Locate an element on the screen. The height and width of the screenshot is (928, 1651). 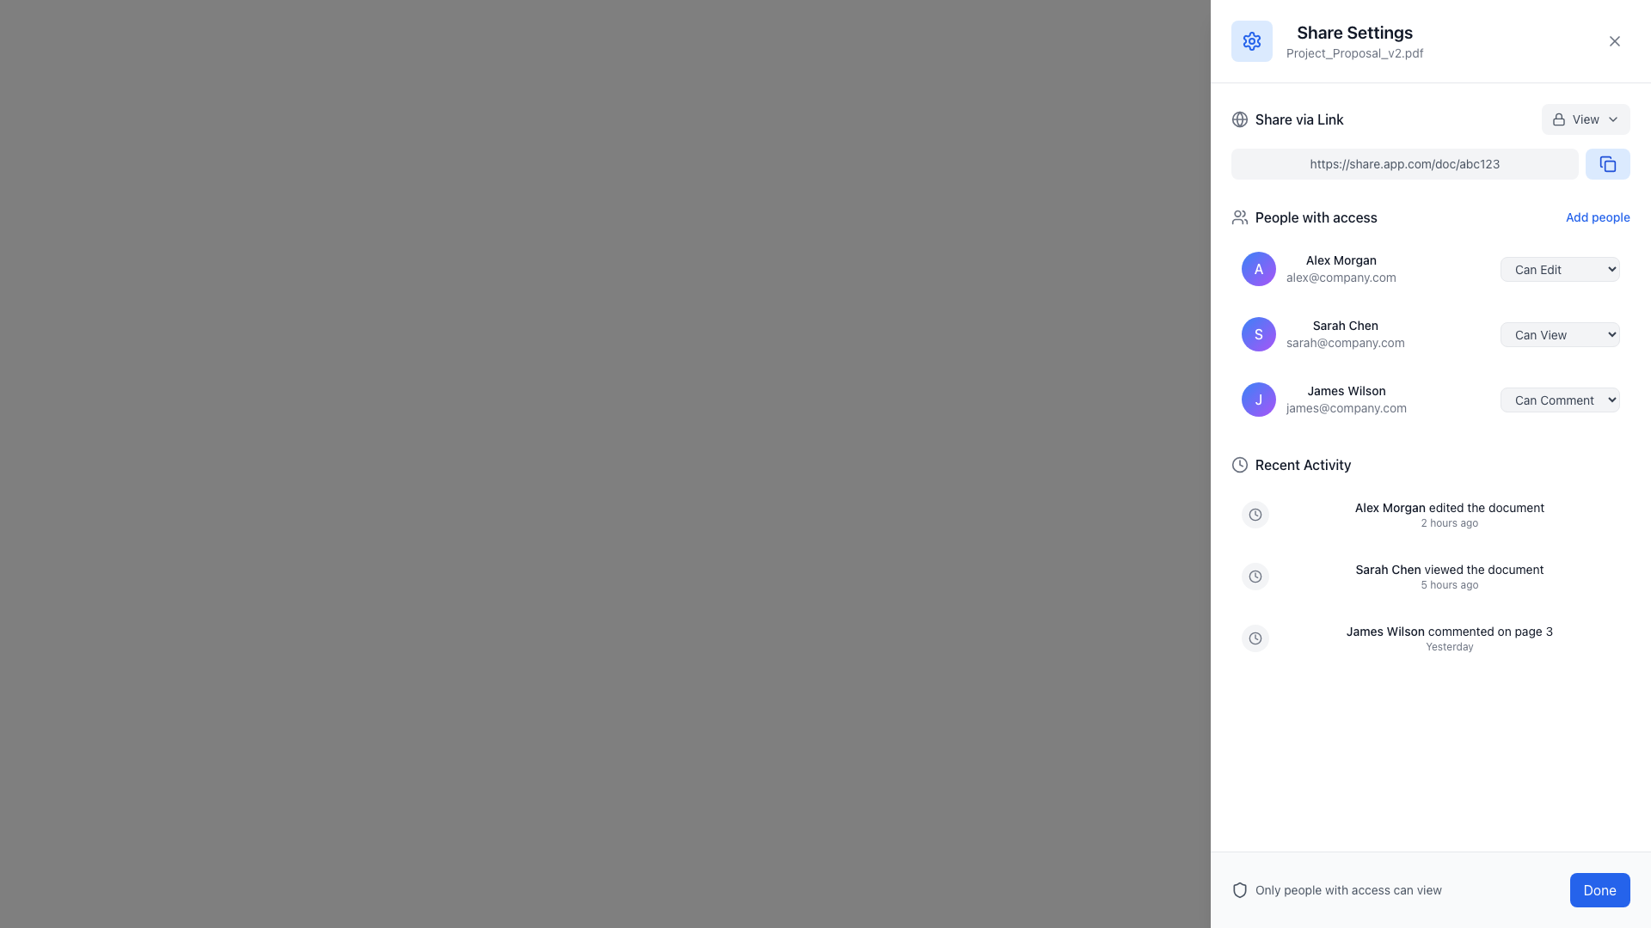
the Text display element that summarizes a recent activity by user James Wilson, located in the 'Recent Activity' section beneath a clock icon is located at coordinates (1448, 638).